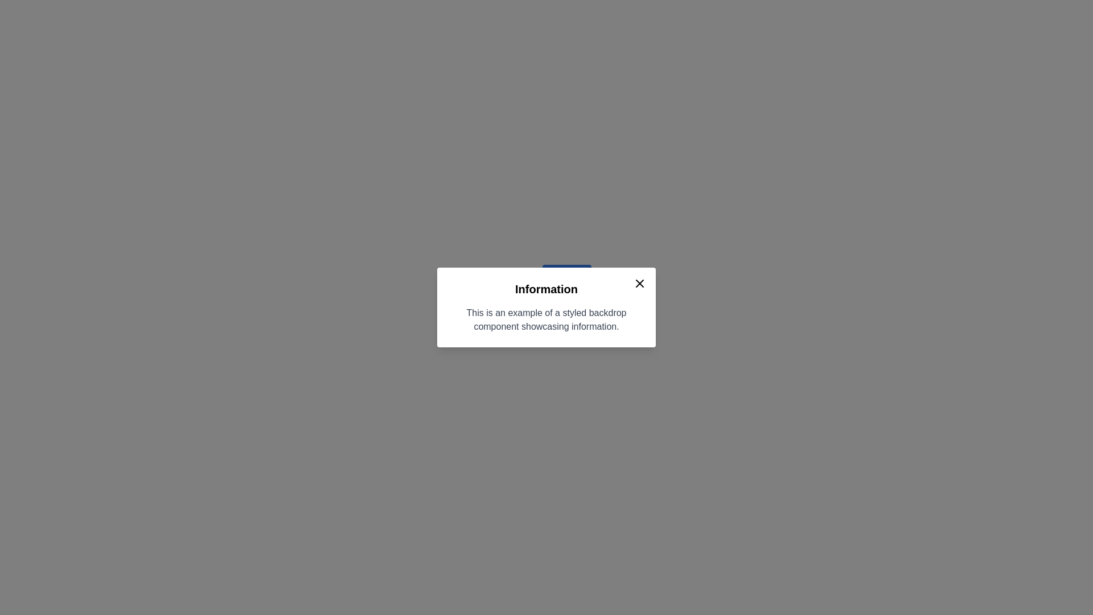 The height and width of the screenshot is (615, 1093). What do you see at coordinates (546, 320) in the screenshot?
I see `the Text Display element that provides descriptive information regarding the styled backdrop component, located beneath the 'Information' title` at bounding box center [546, 320].